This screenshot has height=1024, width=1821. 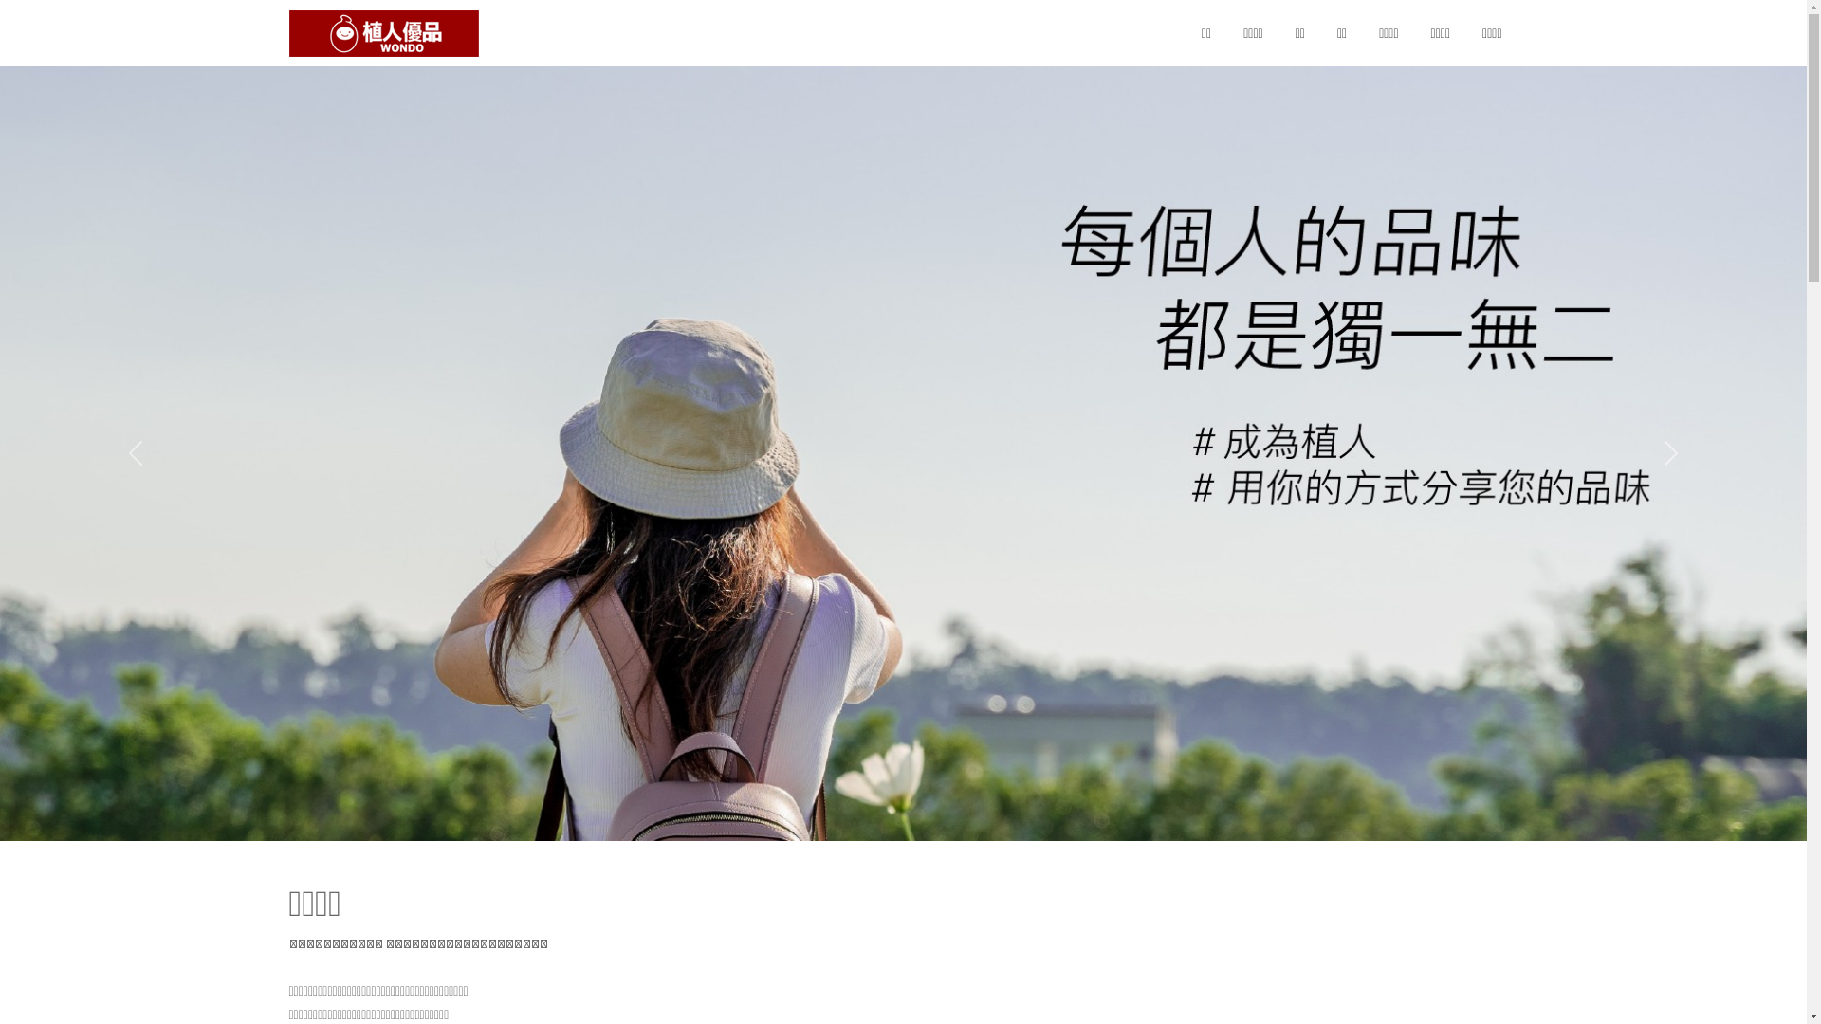 What do you see at coordinates (1670, 453) in the screenshot?
I see `'Next'` at bounding box center [1670, 453].